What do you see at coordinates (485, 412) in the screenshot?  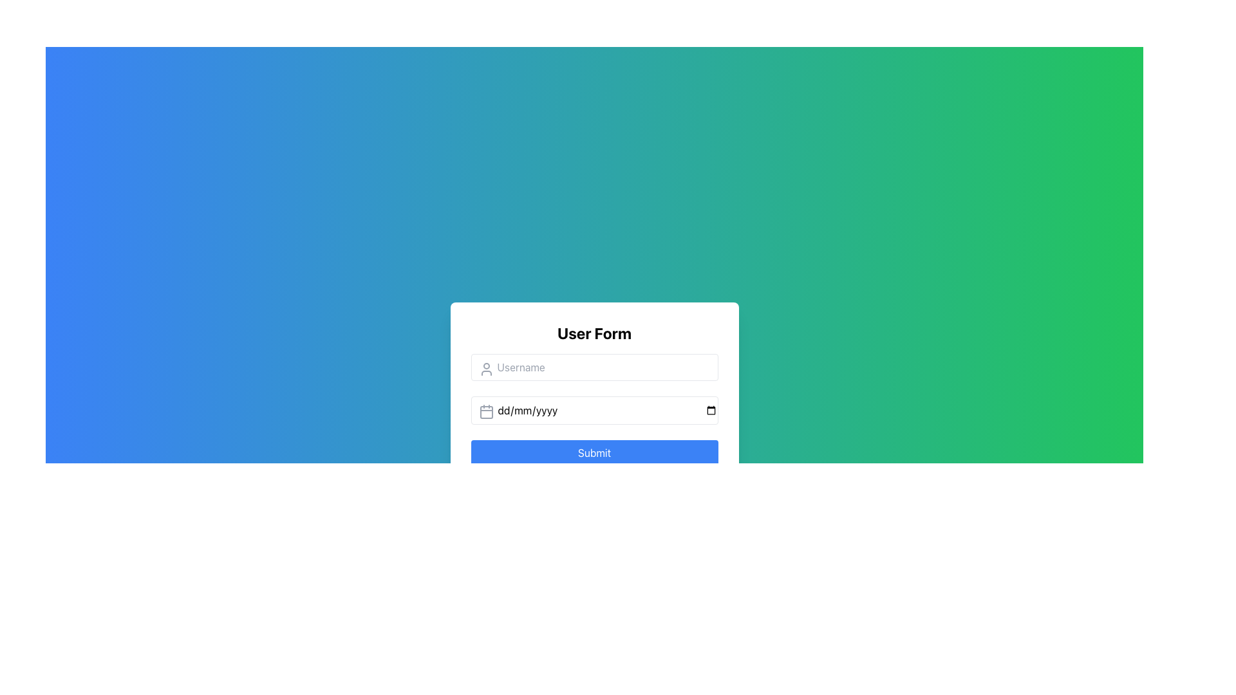 I see `the SVG rectangle with rounded corners located at the lower center part of the calendar icon near the input field labeled 'dd/mm/yyyy'` at bounding box center [485, 412].